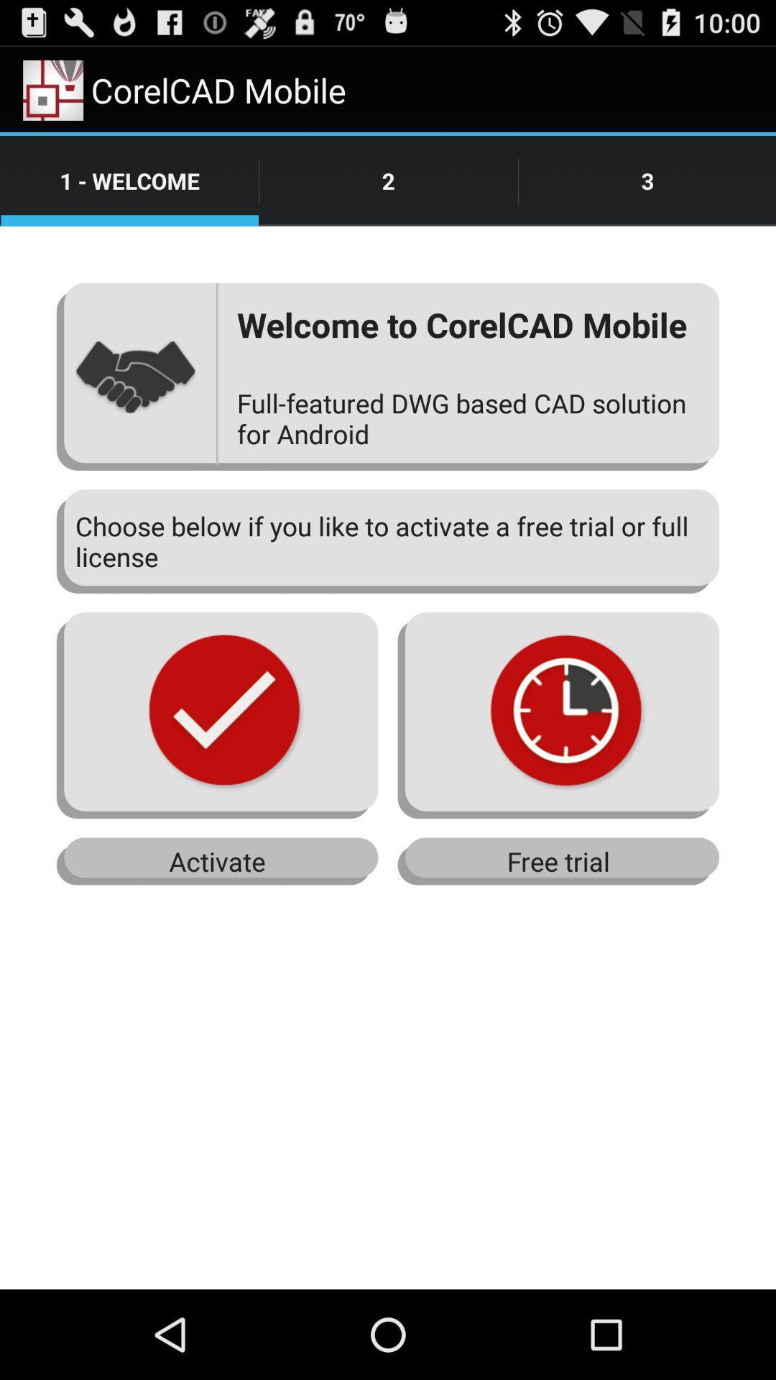 Image resolution: width=776 pixels, height=1380 pixels. I want to click on the icon beside coralcad mobile, so click(52, 89).